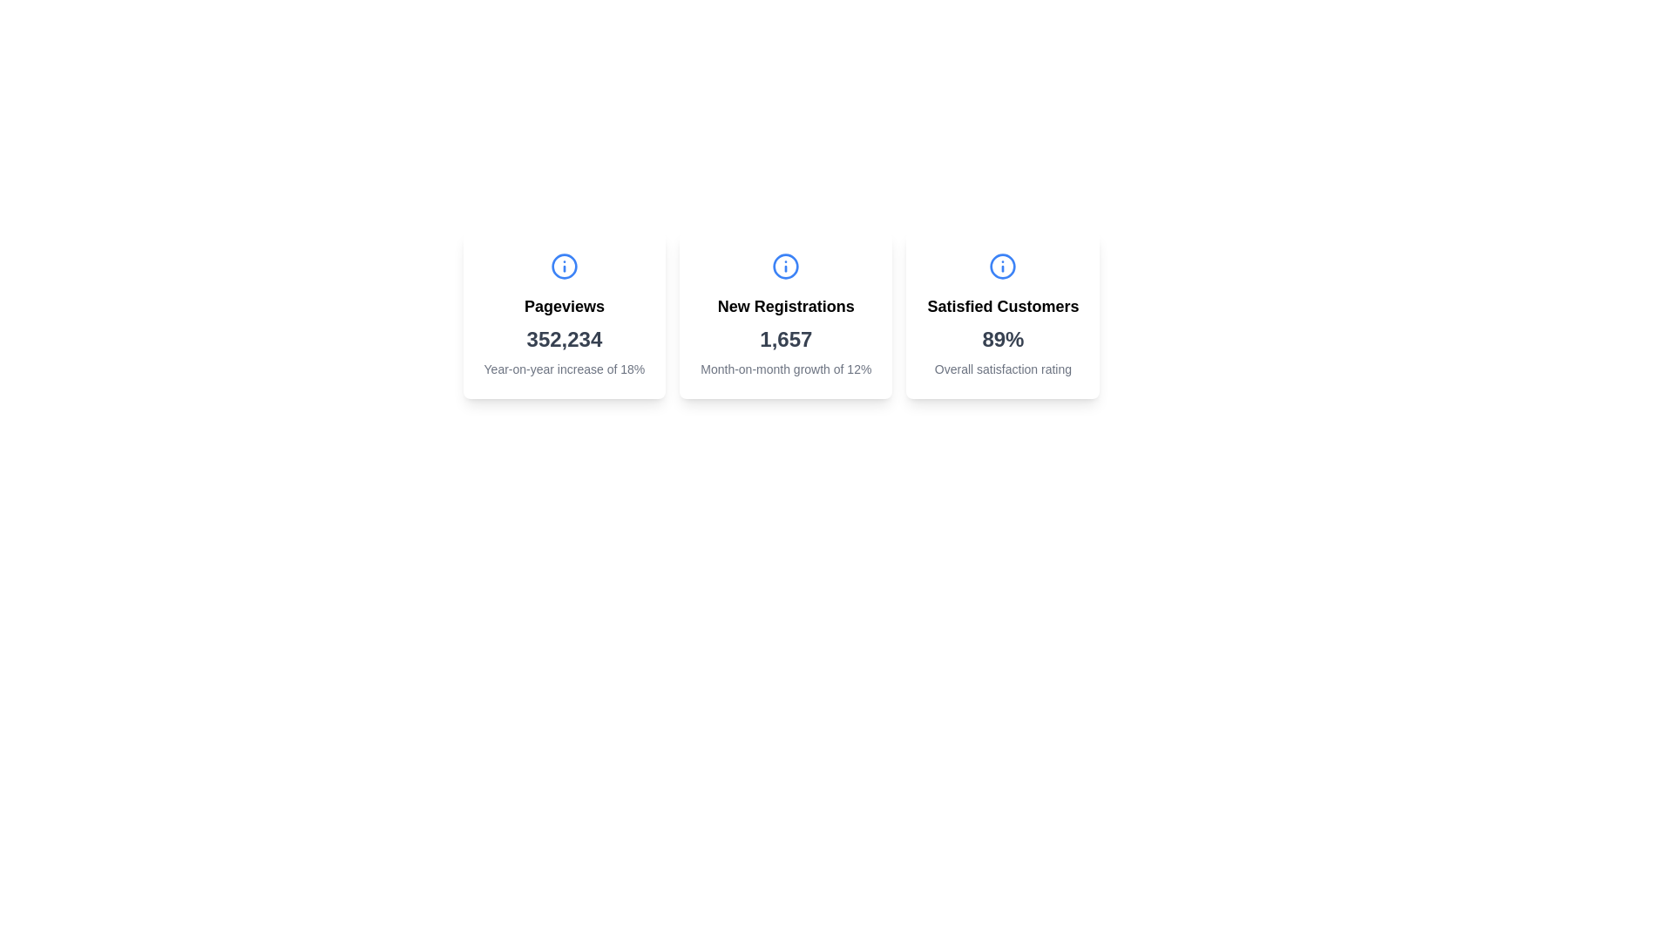 This screenshot has height=941, width=1673. Describe the element at coordinates (1003, 305) in the screenshot. I see `the bold text label reading 'Satisfied Customers' located in the upper section of the satisfaction metrics card` at that location.